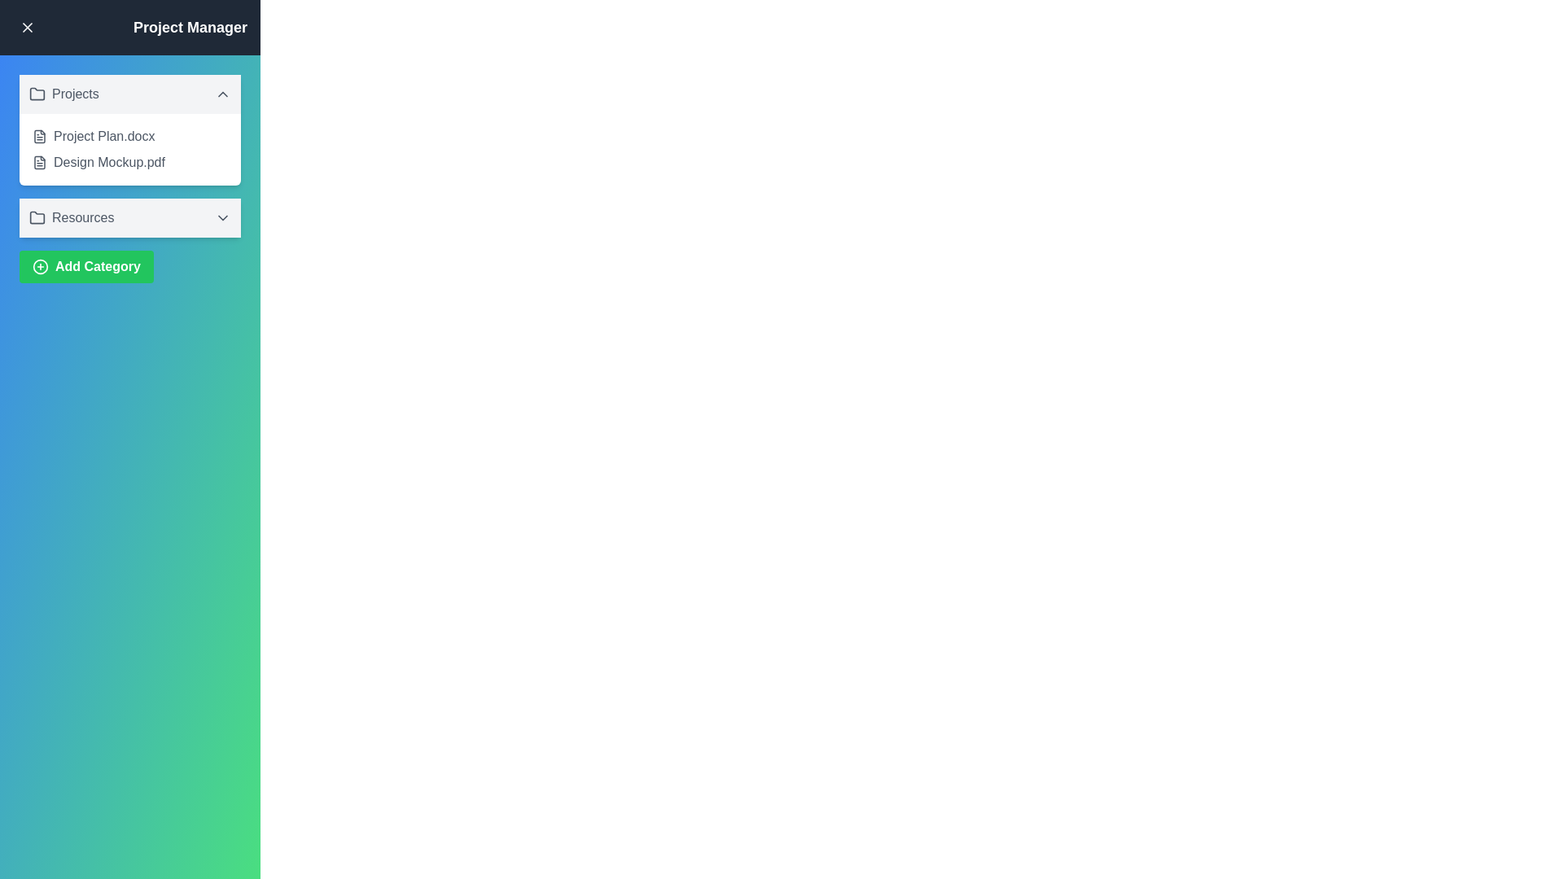  What do you see at coordinates (63, 94) in the screenshot?
I see `the 'Projects' label which is styled as an icon of a folder followed by the text, located in a clickable area with a light gray background` at bounding box center [63, 94].